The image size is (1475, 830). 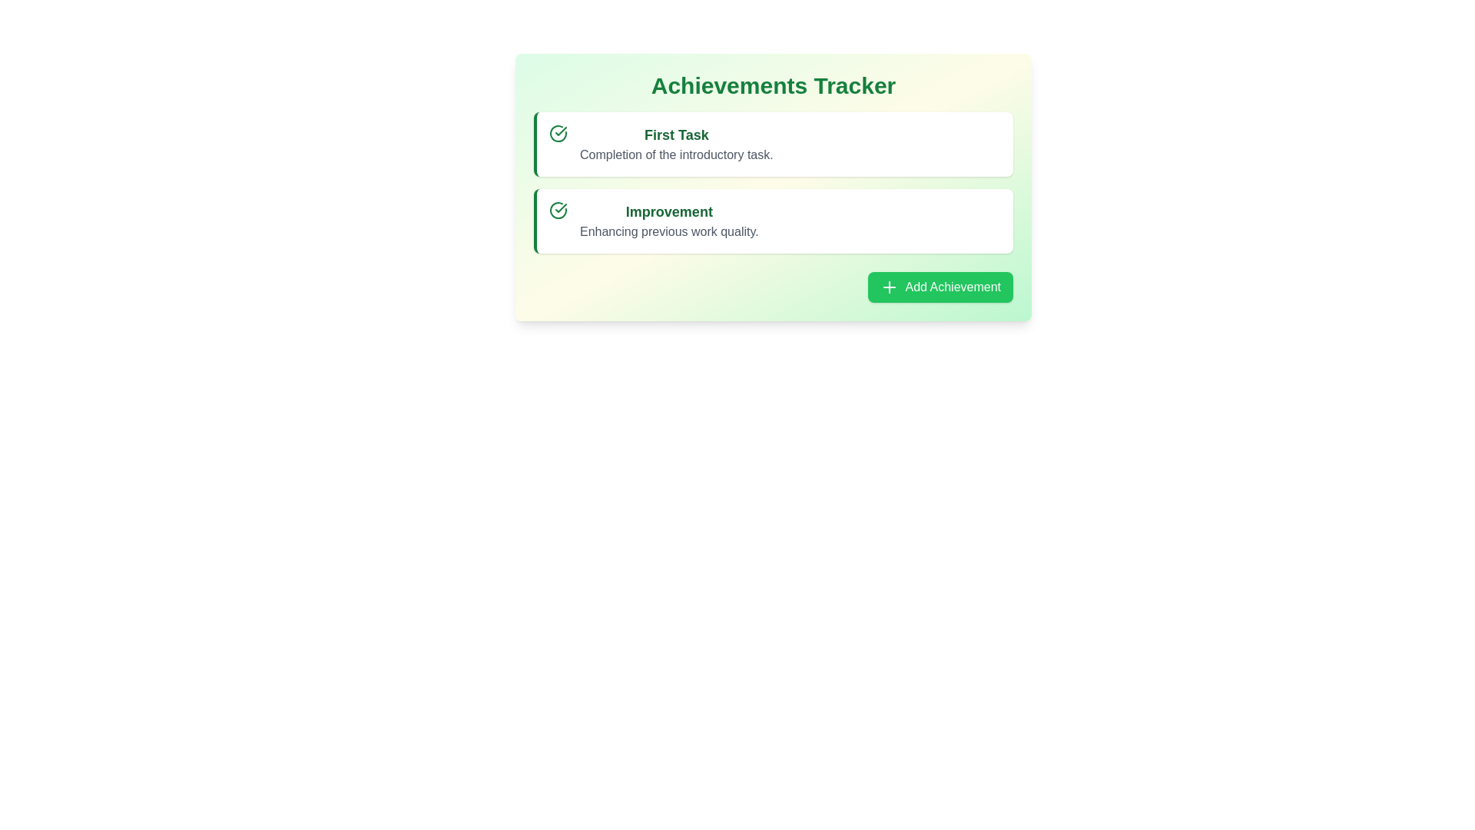 What do you see at coordinates (952, 287) in the screenshot?
I see `the 'Add Achievement' text label within the green button located at the bottom-right of the central card in the interface` at bounding box center [952, 287].